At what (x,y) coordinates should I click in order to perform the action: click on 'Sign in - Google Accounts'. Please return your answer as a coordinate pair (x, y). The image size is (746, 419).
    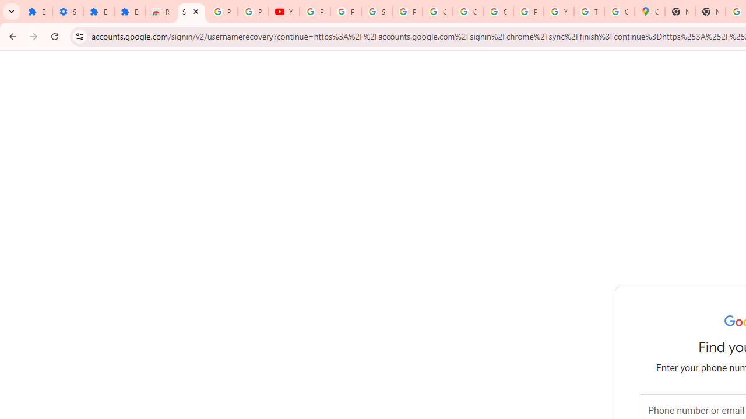
    Looking at the image, I should click on (191, 12).